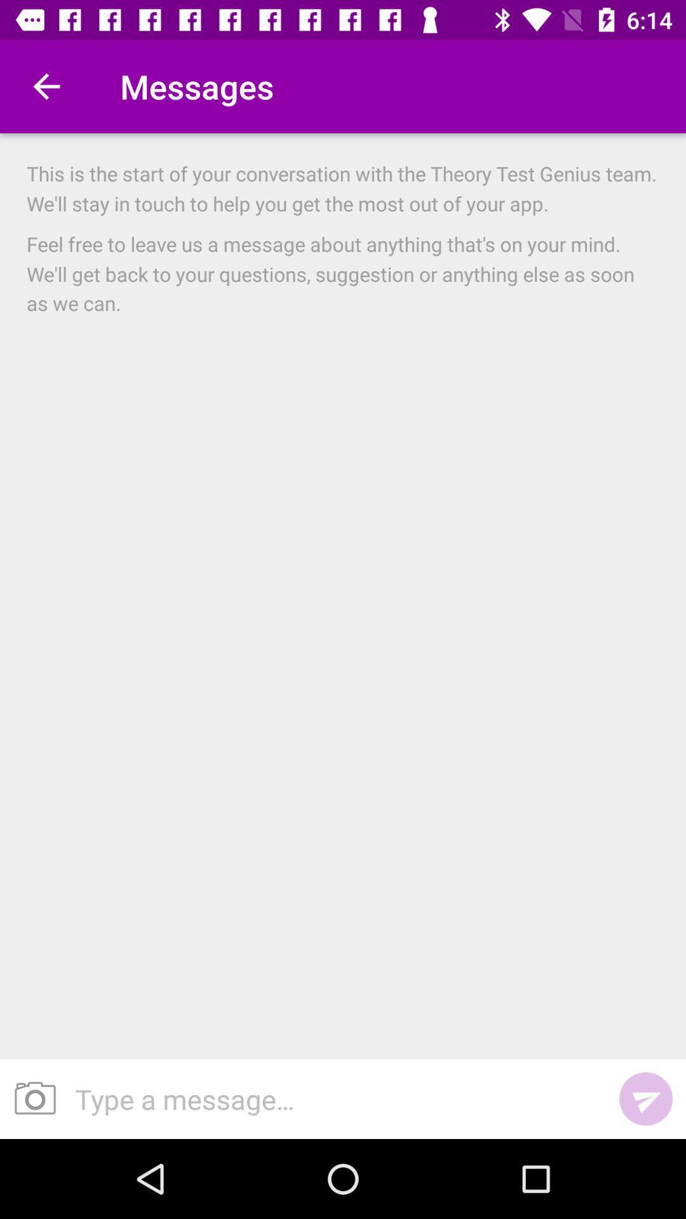 Image resolution: width=686 pixels, height=1219 pixels. Describe the element at coordinates (333, 1098) in the screenshot. I see `message` at that location.